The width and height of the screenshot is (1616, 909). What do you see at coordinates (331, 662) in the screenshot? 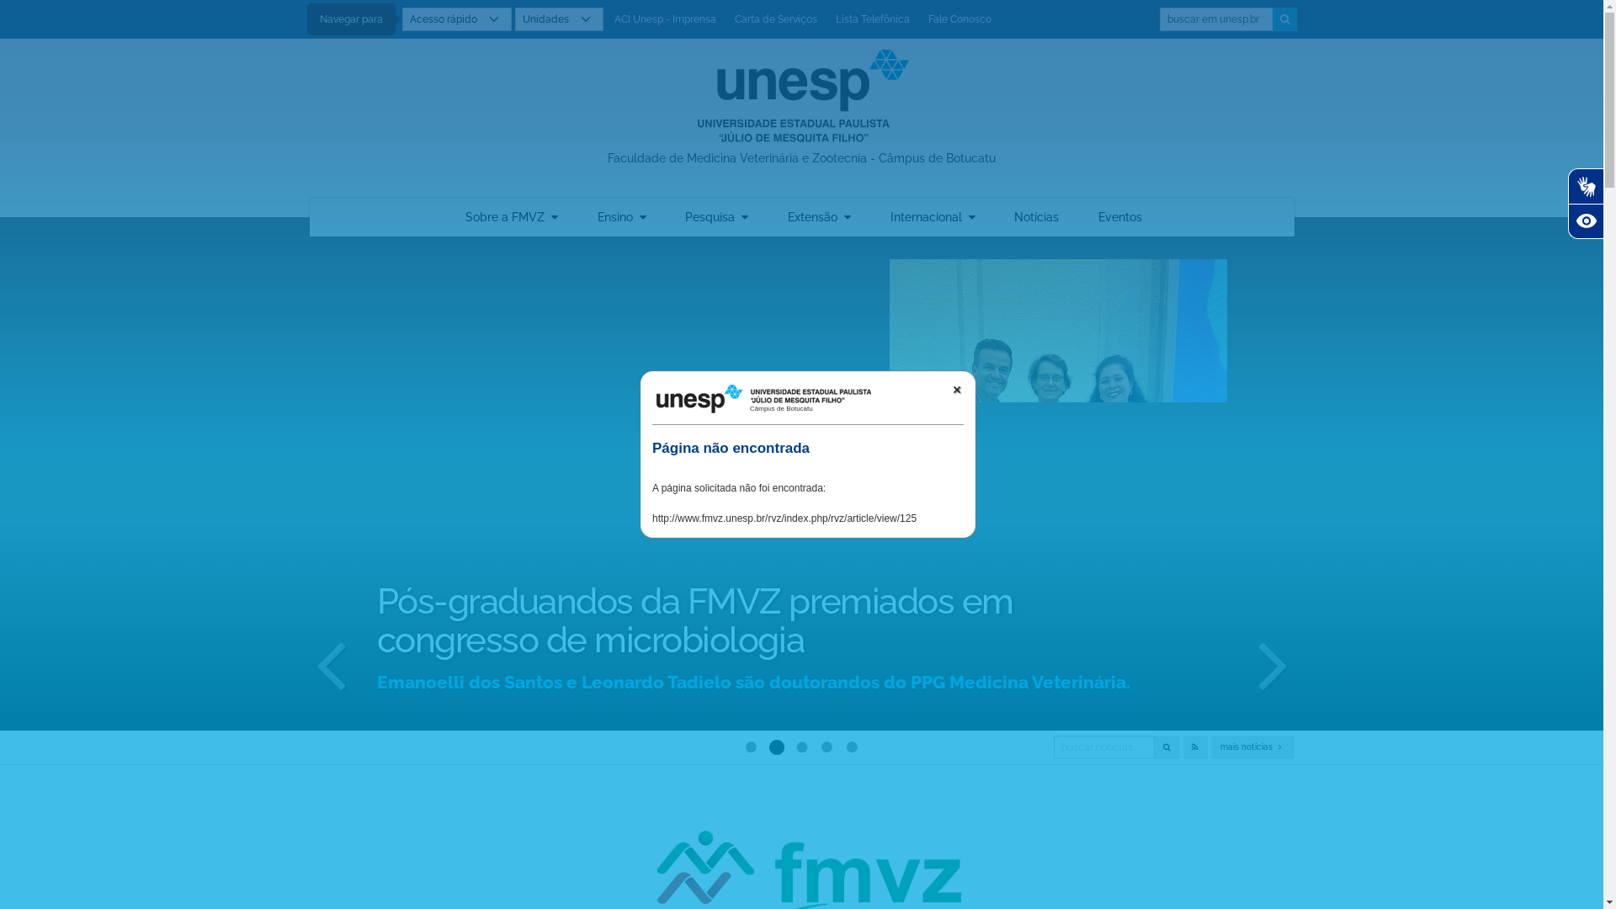
I see `'Ir para o item anterior'` at bounding box center [331, 662].